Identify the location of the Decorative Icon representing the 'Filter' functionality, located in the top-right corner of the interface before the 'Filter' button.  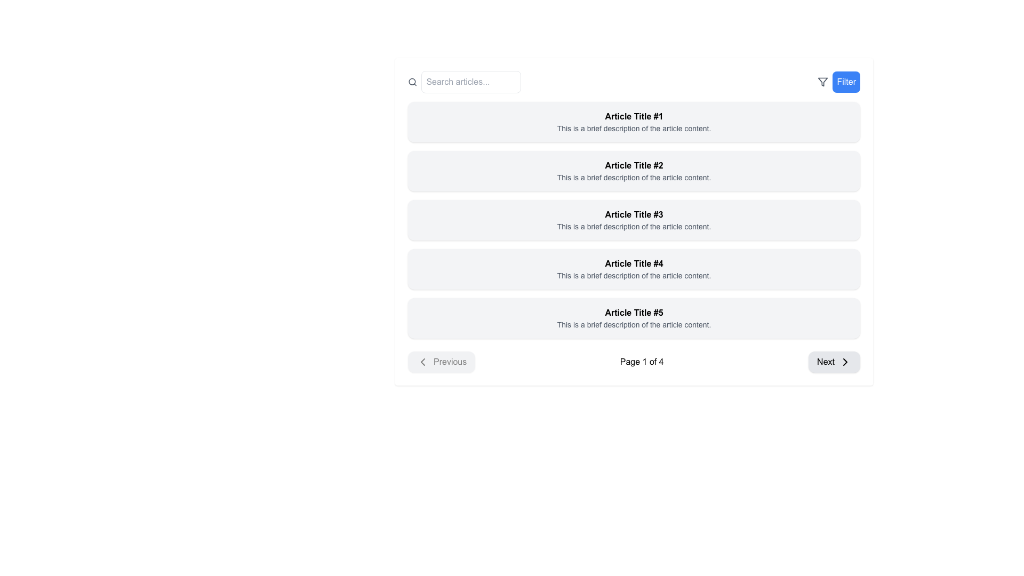
(822, 82).